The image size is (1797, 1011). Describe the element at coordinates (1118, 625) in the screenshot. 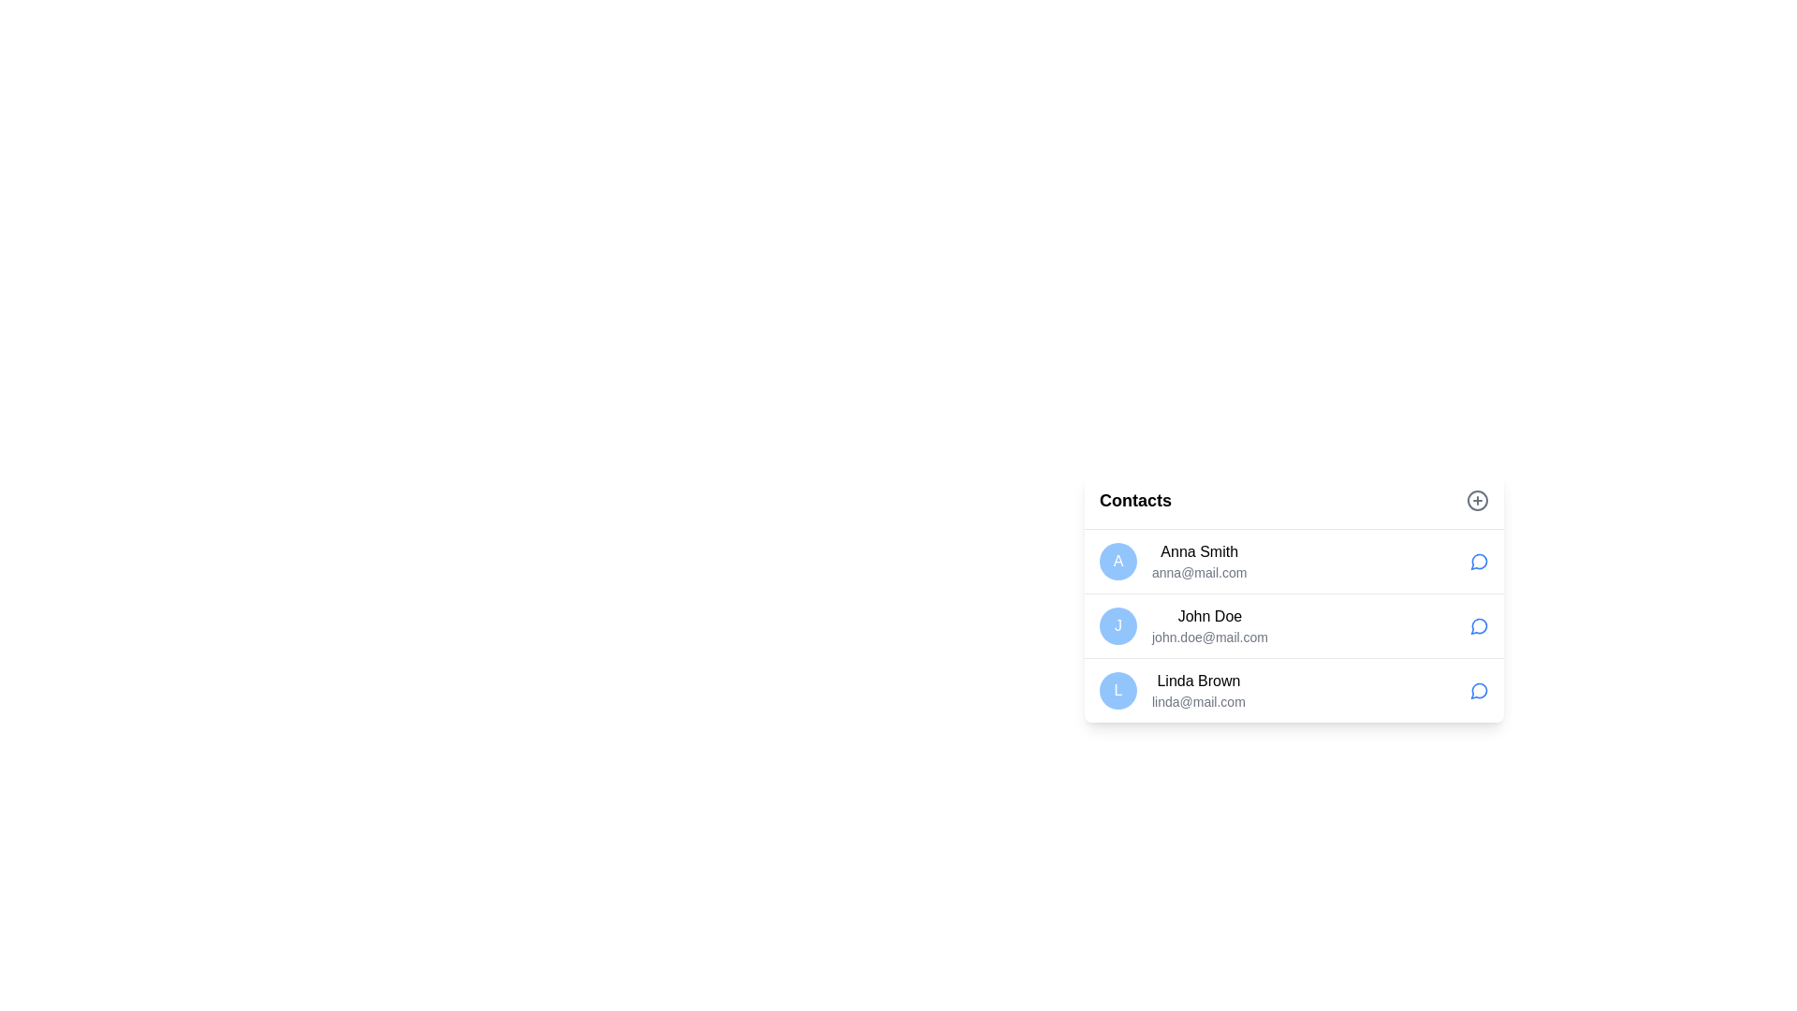

I see `the Avatar Indicator representing the user 'John Doe' in the Contacts UI section` at that location.